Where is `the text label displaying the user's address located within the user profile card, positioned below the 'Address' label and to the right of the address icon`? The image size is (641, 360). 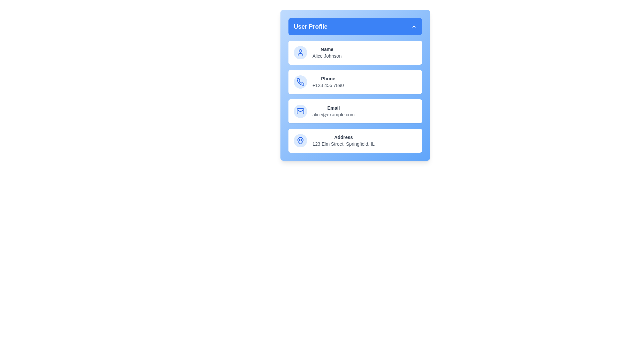 the text label displaying the user's address located within the user profile card, positioned below the 'Address' label and to the right of the address icon is located at coordinates (343, 144).